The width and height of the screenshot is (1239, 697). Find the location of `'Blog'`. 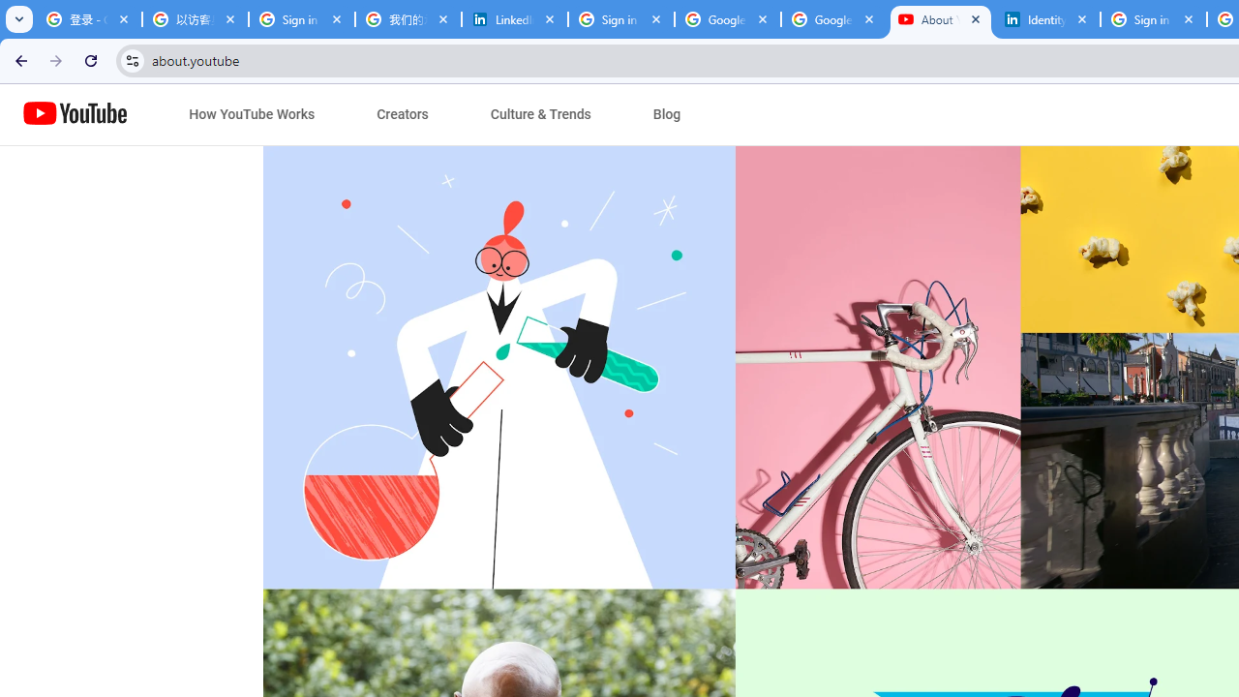

'Blog' is located at coordinates (667, 114).